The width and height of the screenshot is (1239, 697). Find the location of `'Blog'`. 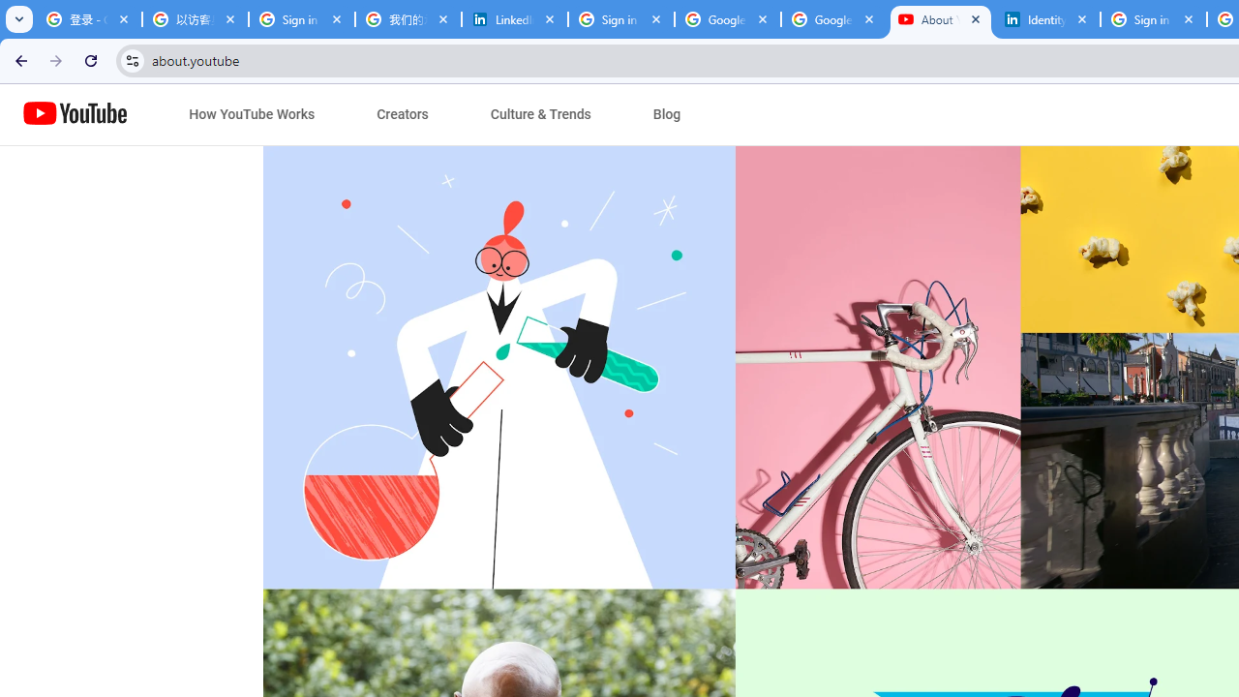

'Blog' is located at coordinates (667, 114).